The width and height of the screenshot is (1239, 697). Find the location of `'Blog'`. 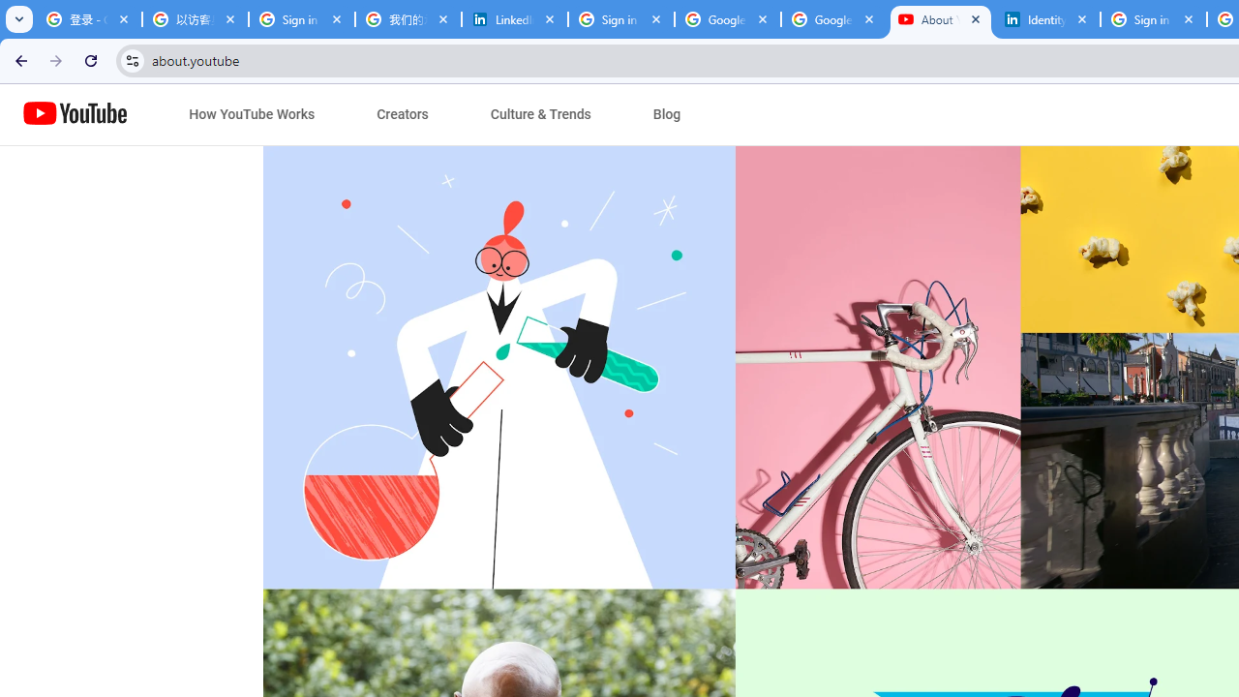

'Blog' is located at coordinates (667, 114).